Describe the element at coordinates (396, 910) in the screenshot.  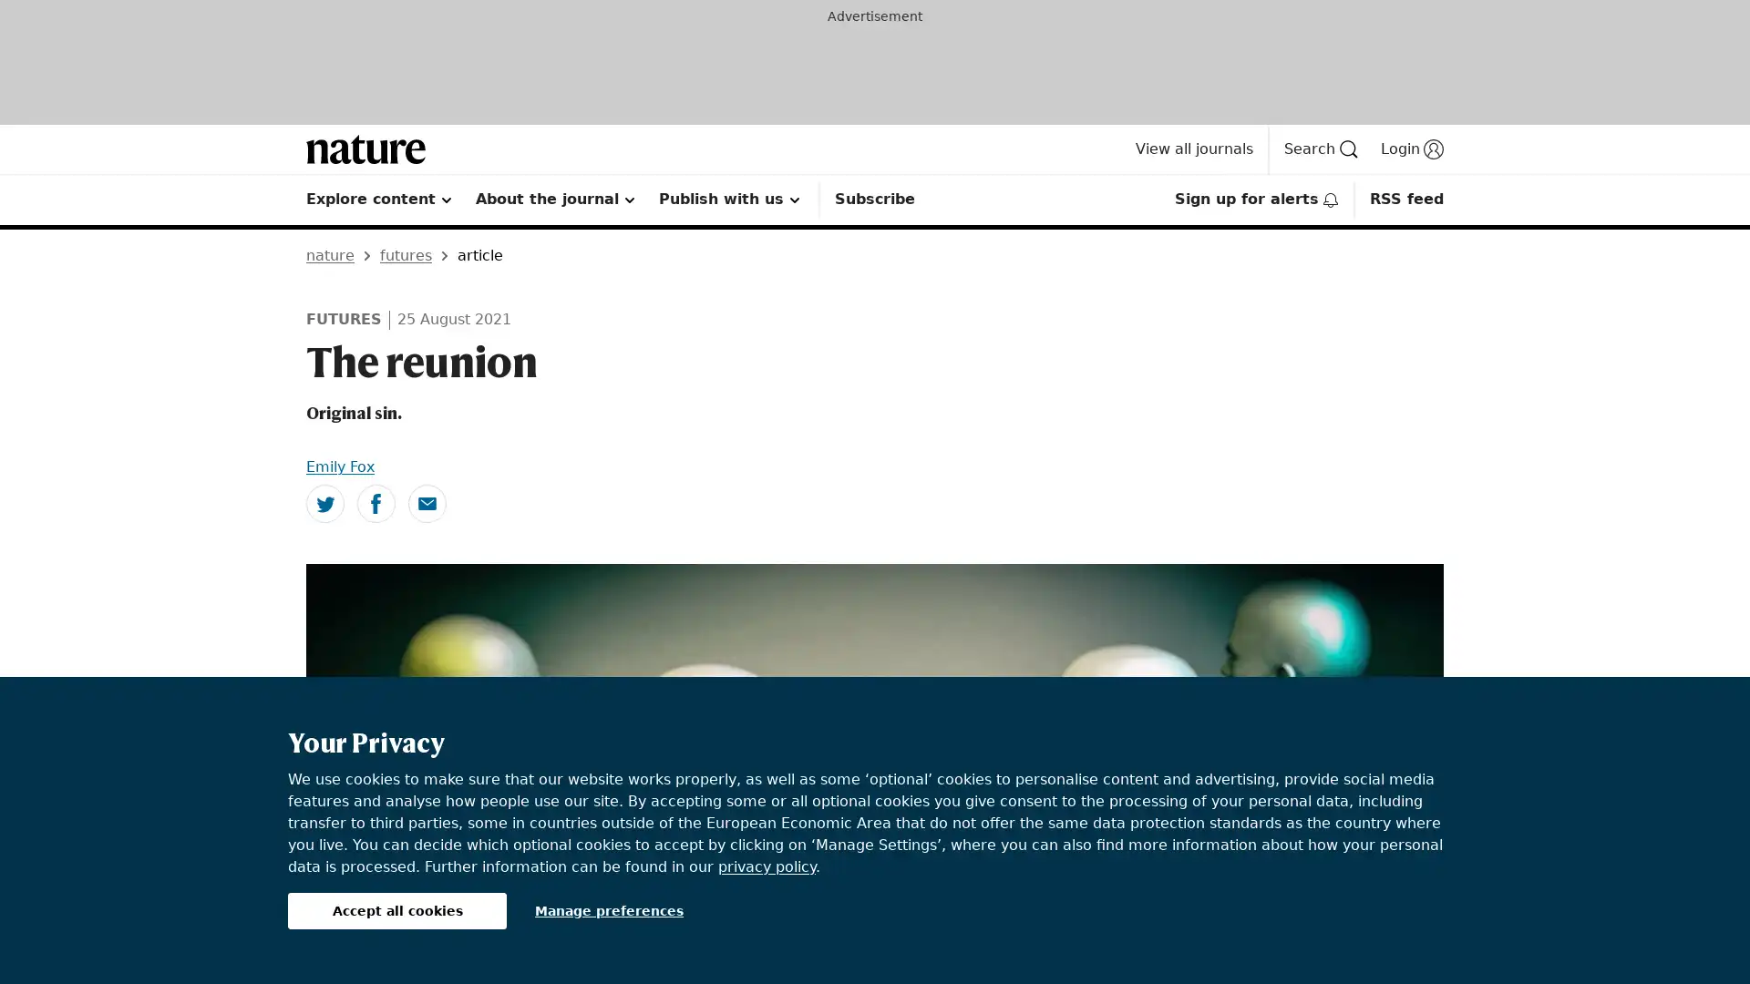
I see `Accept all cookies` at that location.